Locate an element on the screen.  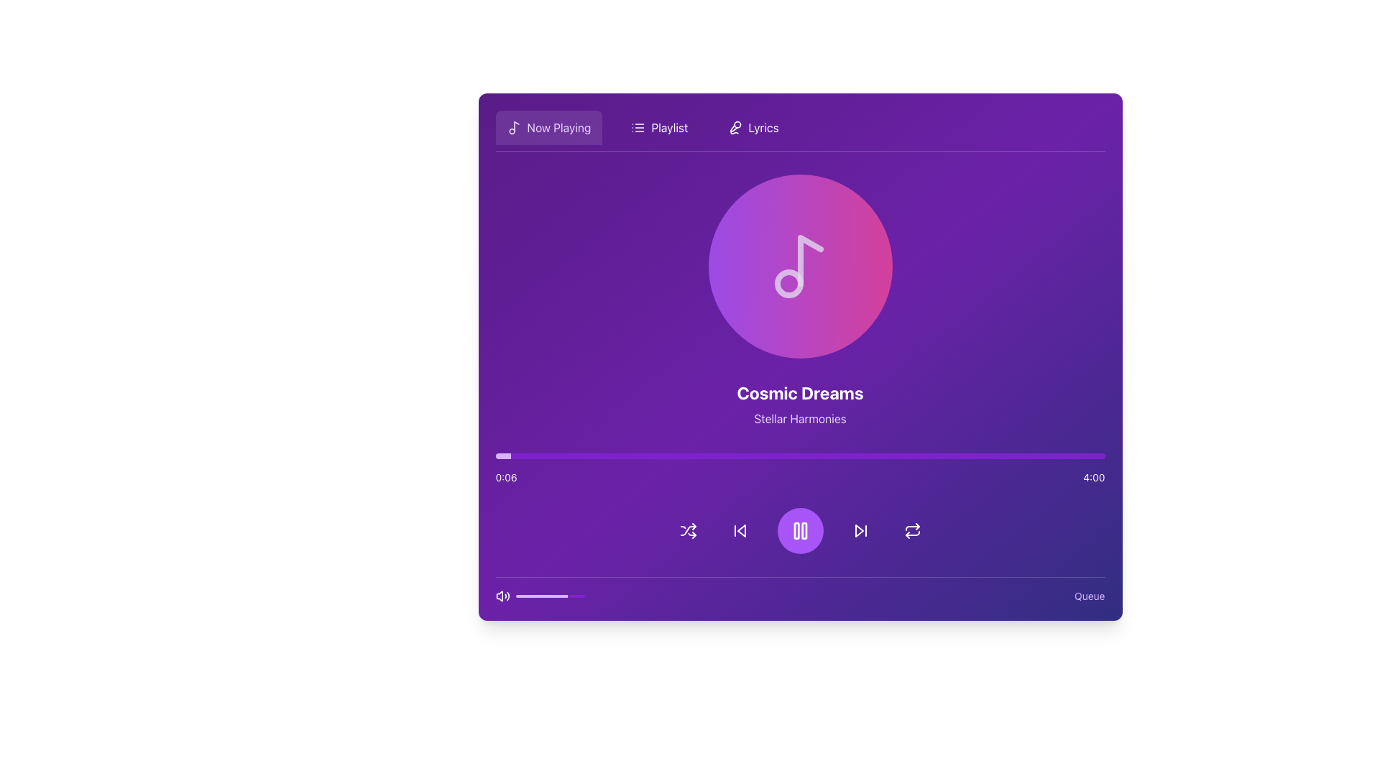
the right-hand vertical bar of the pause icon within the circular play control button to interact with it is located at coordinates (803, 531).